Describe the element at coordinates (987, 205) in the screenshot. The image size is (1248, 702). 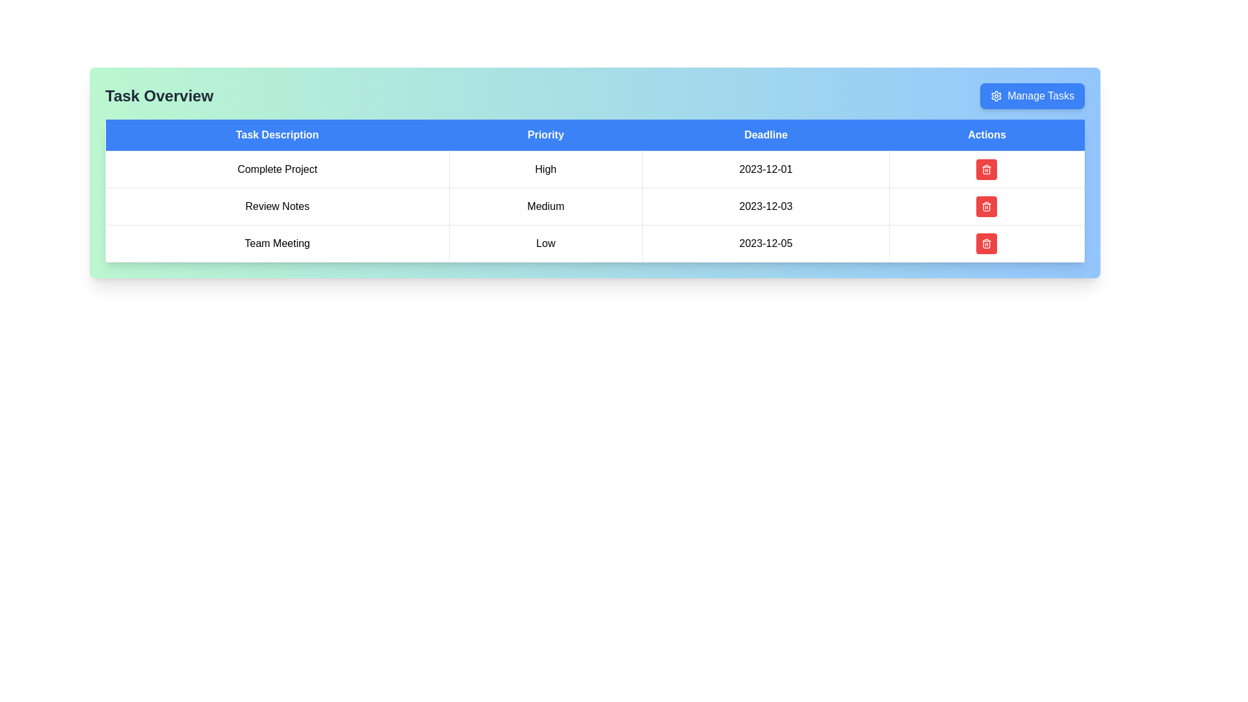
I see `the delete button with icon in the Actions column of the second row for the task with a deadline of '2023-12-03'` at that location.